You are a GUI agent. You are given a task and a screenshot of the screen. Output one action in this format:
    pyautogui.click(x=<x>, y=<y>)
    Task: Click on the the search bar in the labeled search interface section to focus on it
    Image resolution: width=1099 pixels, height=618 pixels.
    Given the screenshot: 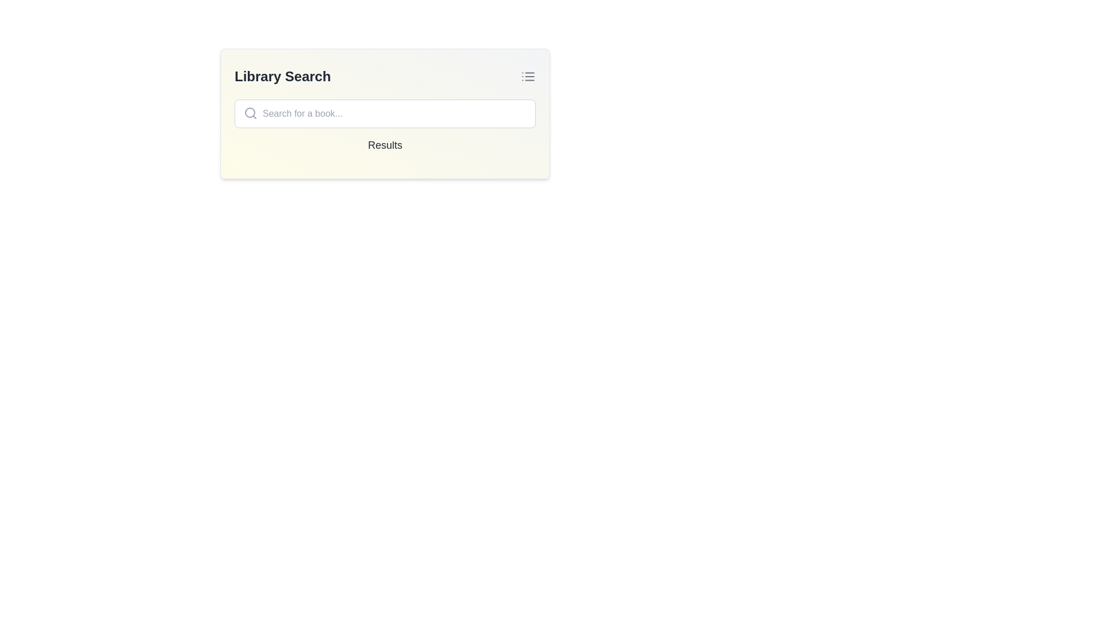 What is the action you would take?
    pyautogui.click(x=385, y=114)
    